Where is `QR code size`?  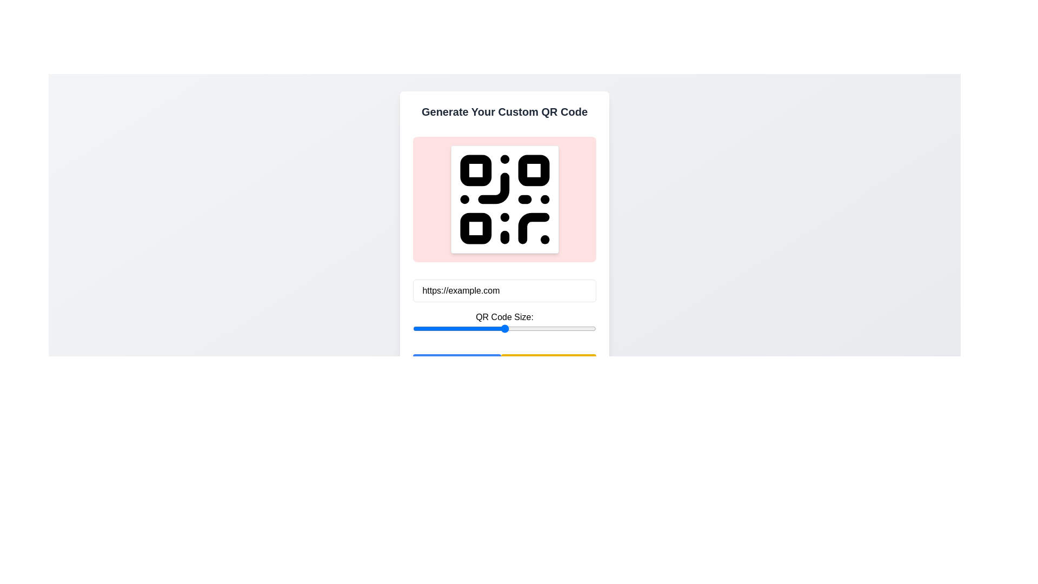 QR code size is located at coordinates (453, 328).